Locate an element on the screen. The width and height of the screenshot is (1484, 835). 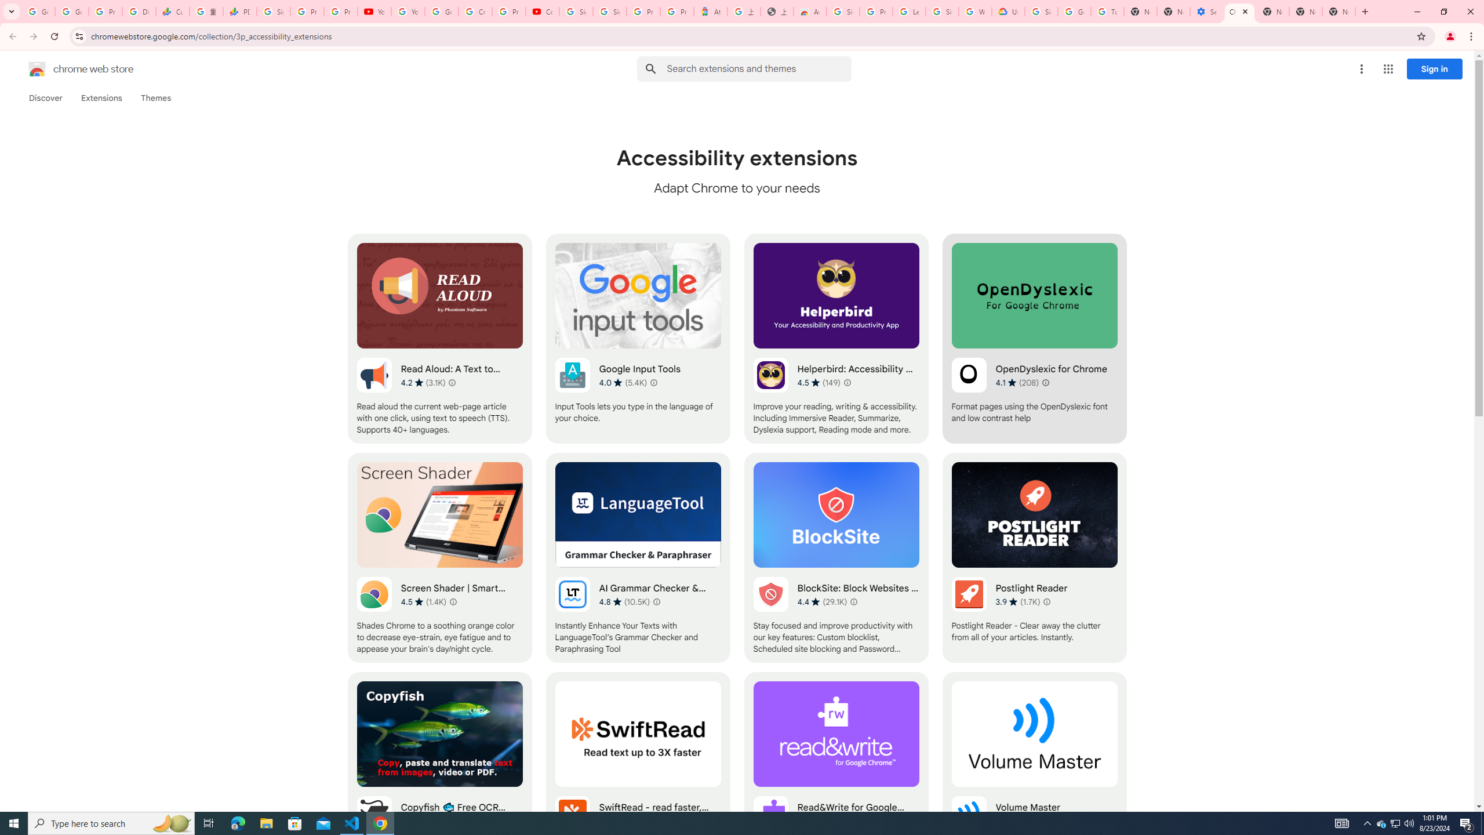
'Chrome Web Store - Accessibility extensions' is located at coordinates (1239, 11).